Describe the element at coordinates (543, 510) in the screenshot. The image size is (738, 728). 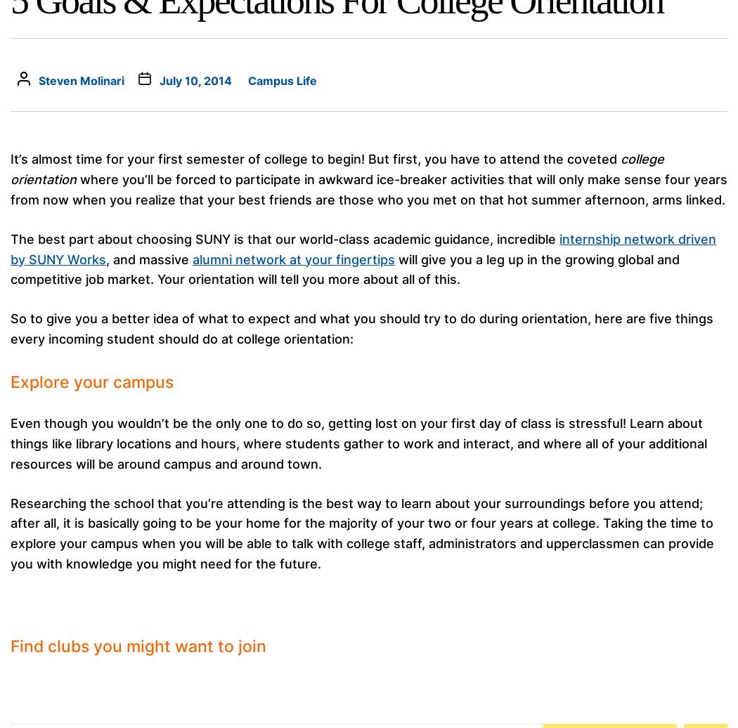
I see `'How SUNY Keeps College Affordable & Puts Students on a Path to Success'` at that location.